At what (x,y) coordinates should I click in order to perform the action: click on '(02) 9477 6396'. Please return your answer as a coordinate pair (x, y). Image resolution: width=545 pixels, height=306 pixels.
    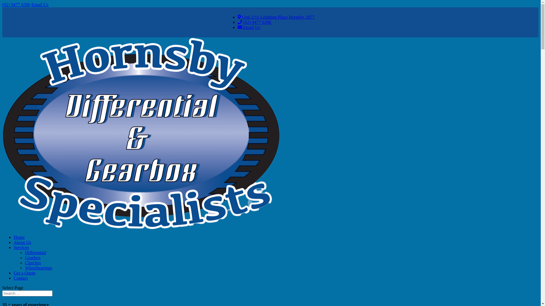
    Looking at the image, I should click on (16, 5).